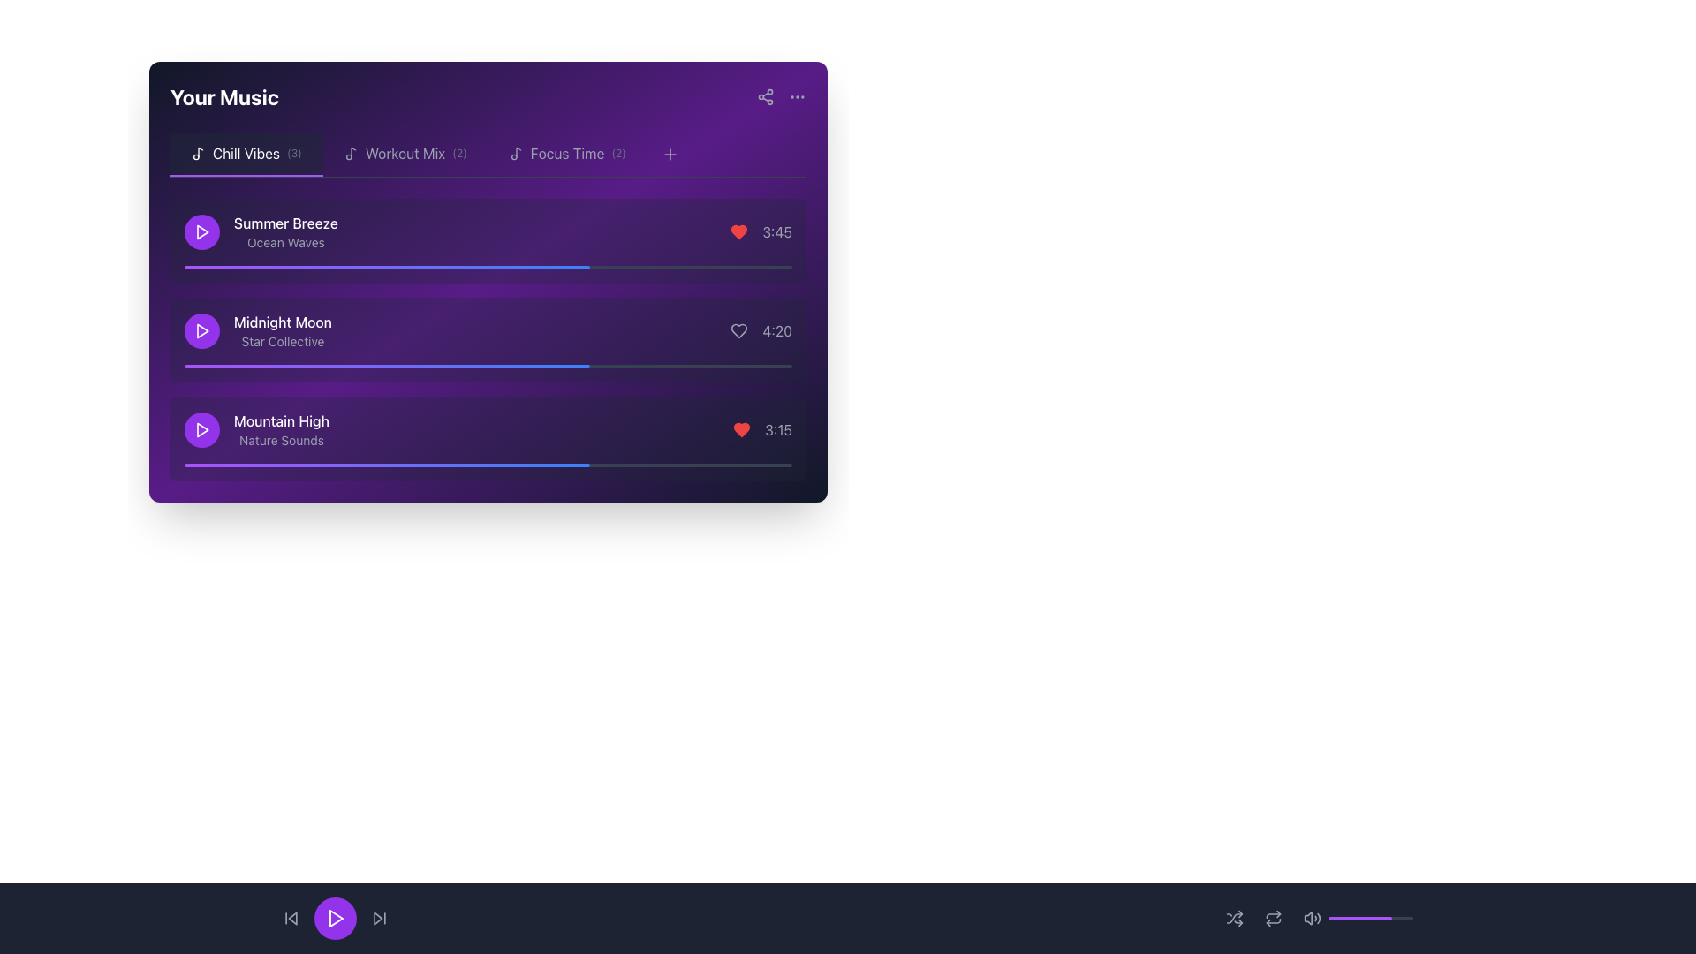  I want to click on the progress bar, so click(488, 366).